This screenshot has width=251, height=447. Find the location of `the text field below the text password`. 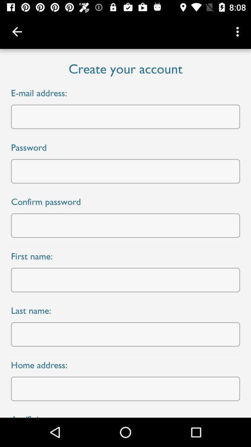

the text field below the text password is located at coordinates (125, 170).